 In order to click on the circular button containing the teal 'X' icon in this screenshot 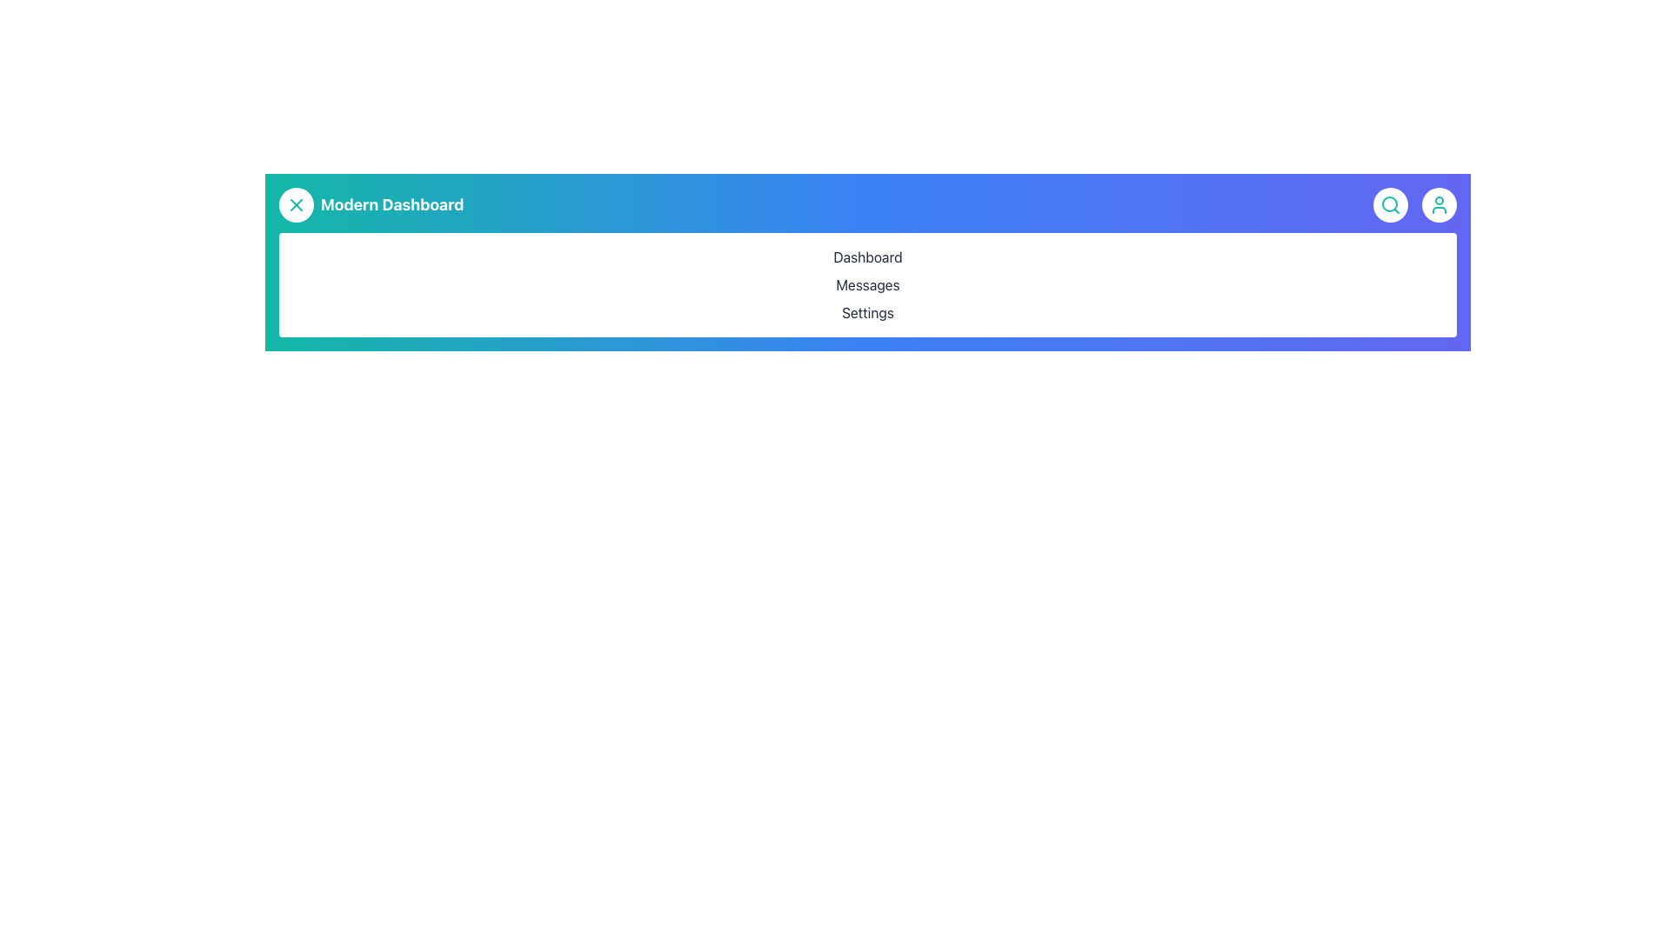, I will do `click(296, 203)`.